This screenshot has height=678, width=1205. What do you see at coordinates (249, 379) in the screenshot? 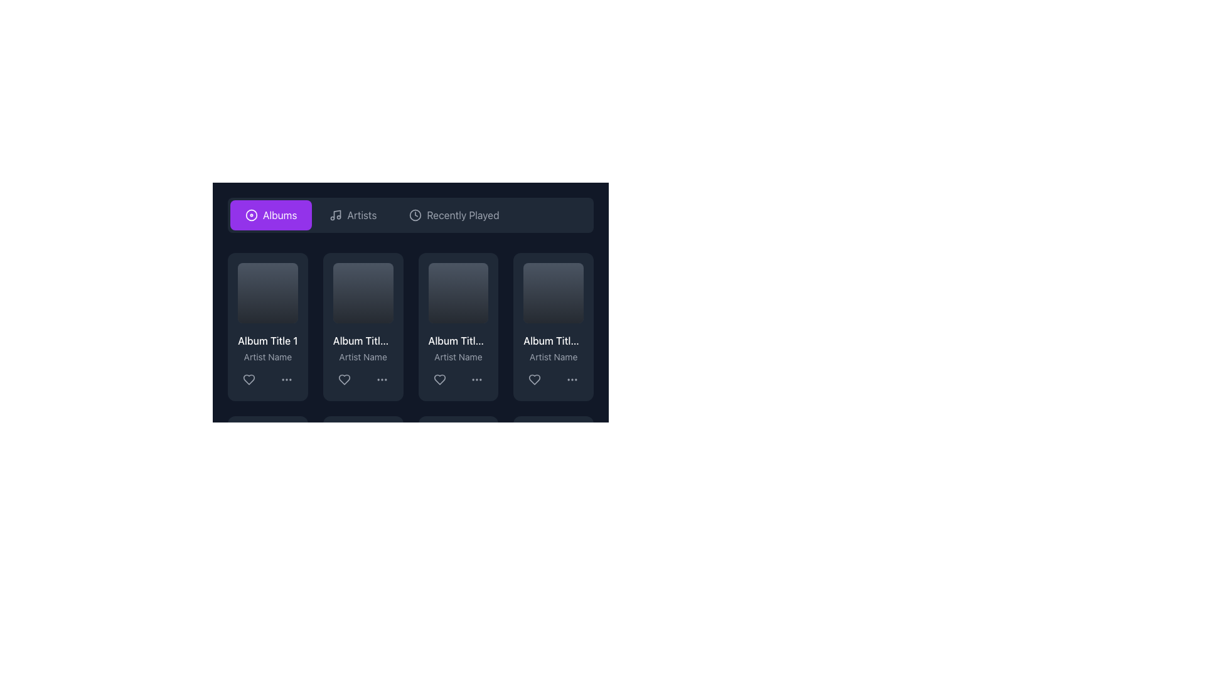
I see `the heart icon located beneath the first album item` at bounding box center [249, 379].